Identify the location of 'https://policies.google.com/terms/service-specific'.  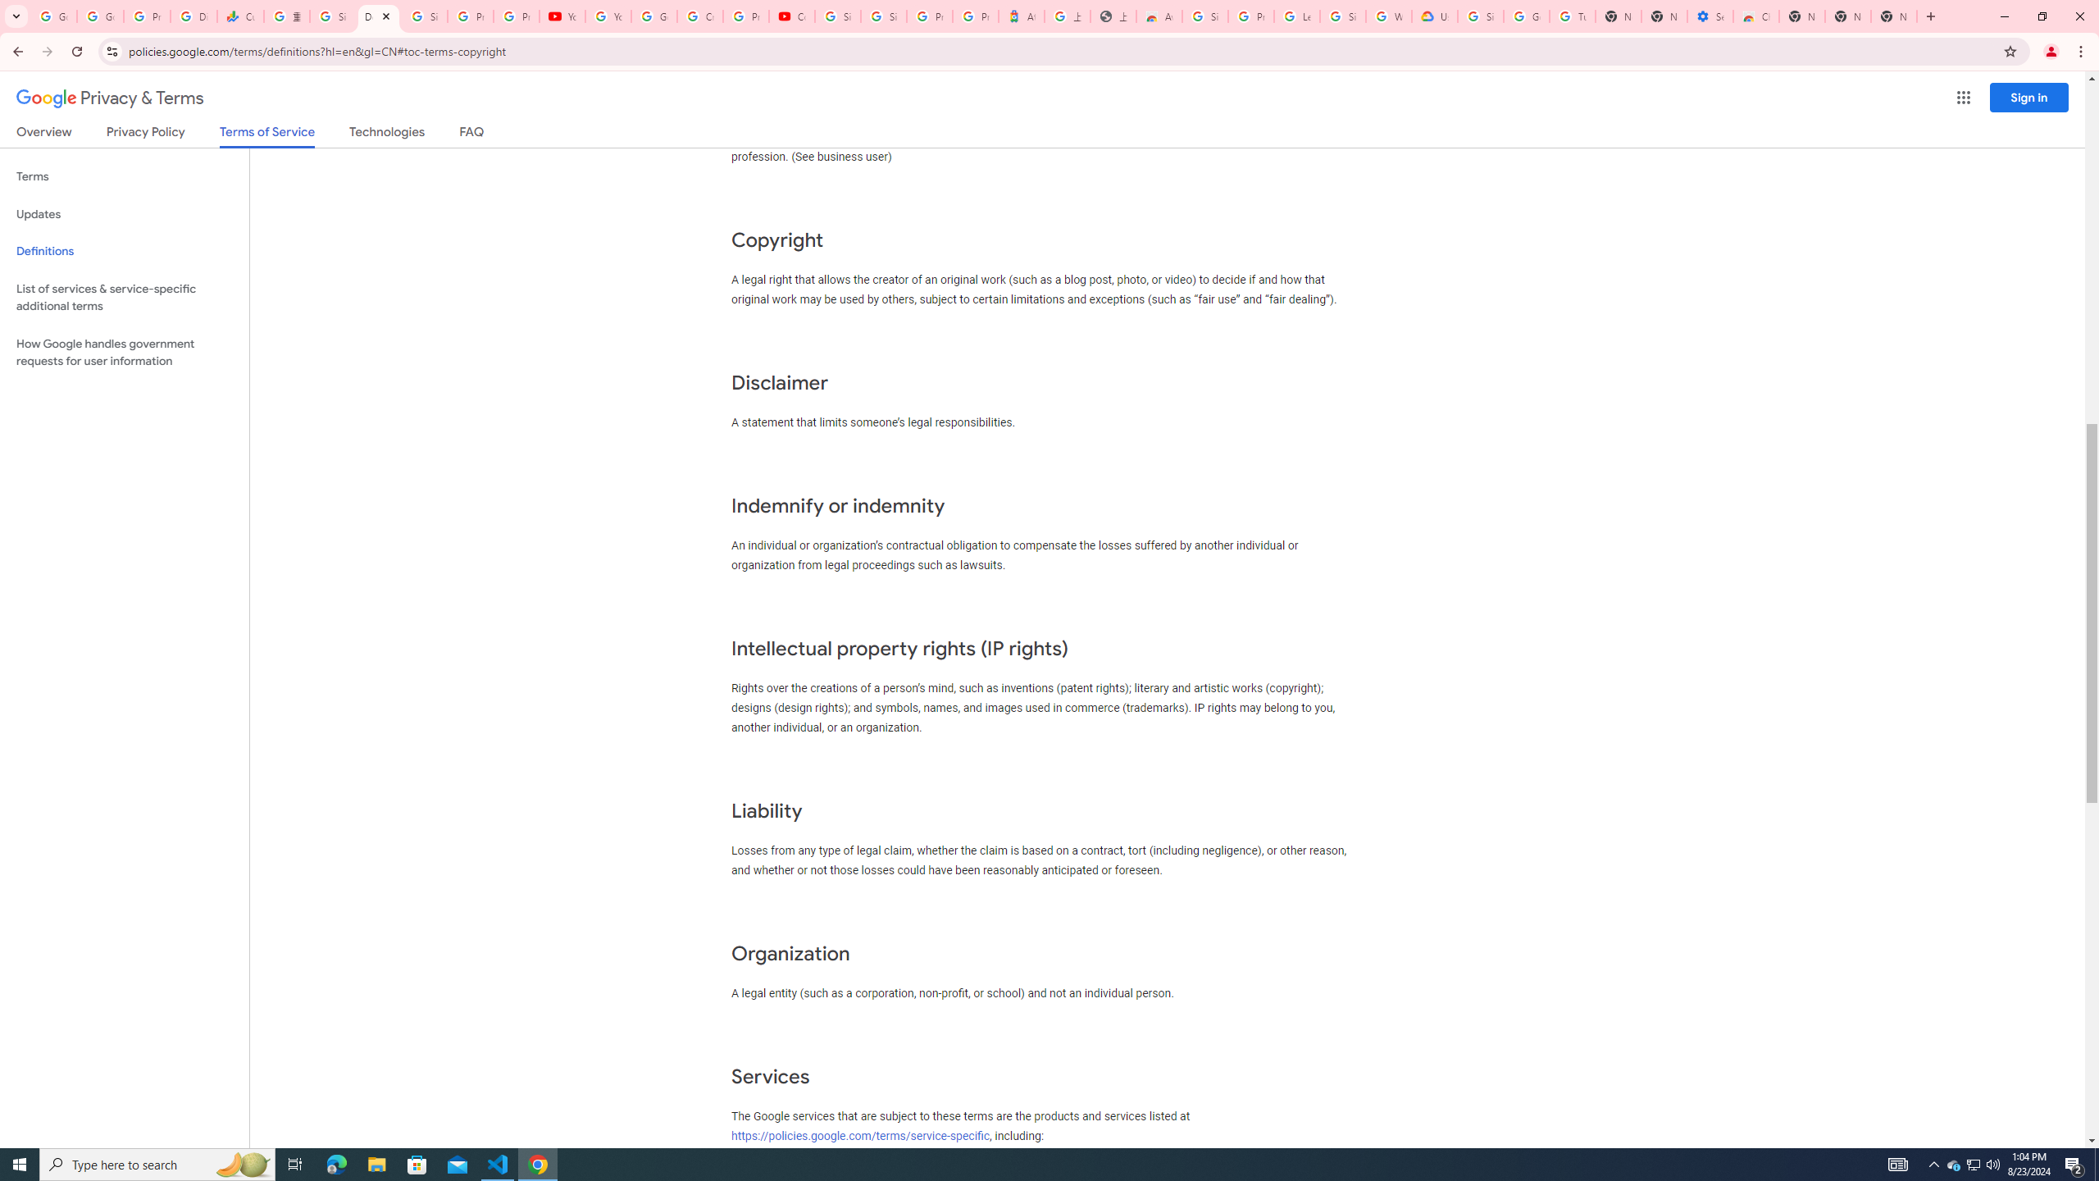
(859, 1136).